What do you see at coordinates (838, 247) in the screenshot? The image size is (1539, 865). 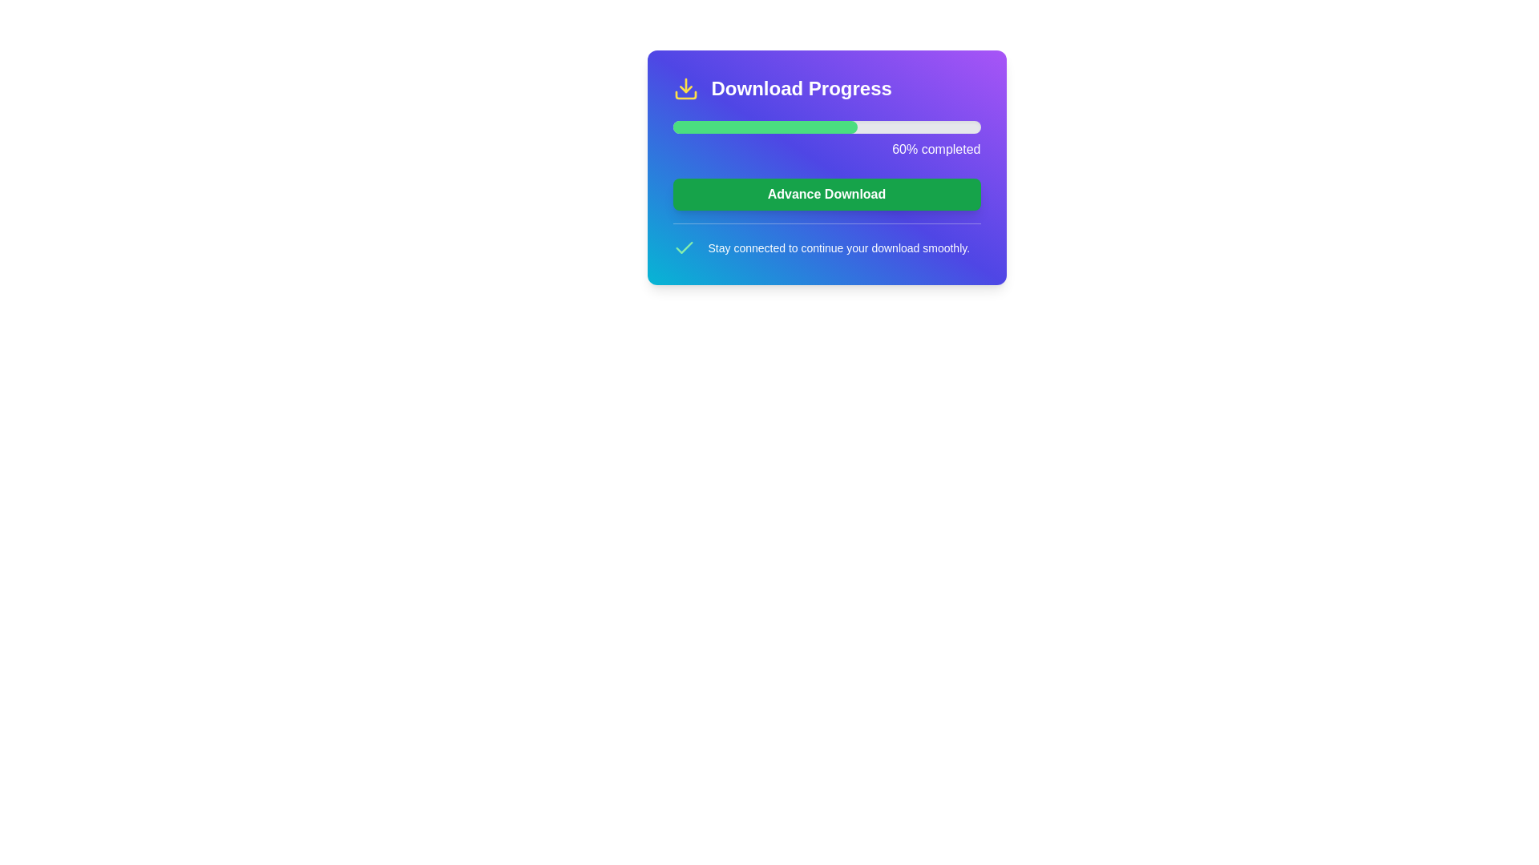 I see `the white-colored text stating 'Stay connected to continue your download smoothly.' which is centered in a horizontal layout, located at the bottom of a card-like component with 'Download Progress' title` at bounding box center [838, 247].